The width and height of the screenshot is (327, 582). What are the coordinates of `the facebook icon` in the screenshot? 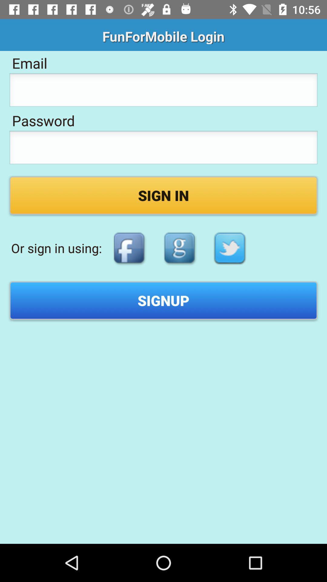 It's located at (129, 248).